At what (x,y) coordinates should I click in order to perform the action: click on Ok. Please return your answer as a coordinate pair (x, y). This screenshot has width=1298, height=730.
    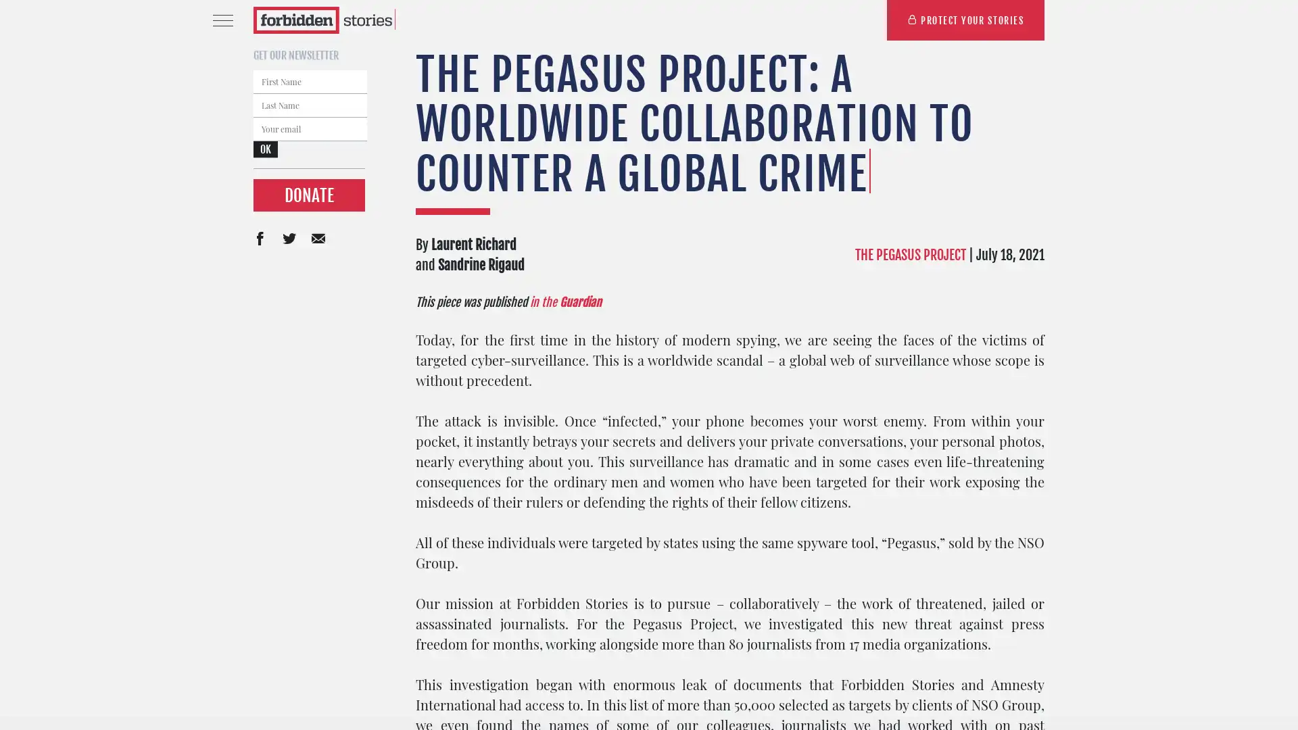
    Looking at the image, I should click on (859, 488).